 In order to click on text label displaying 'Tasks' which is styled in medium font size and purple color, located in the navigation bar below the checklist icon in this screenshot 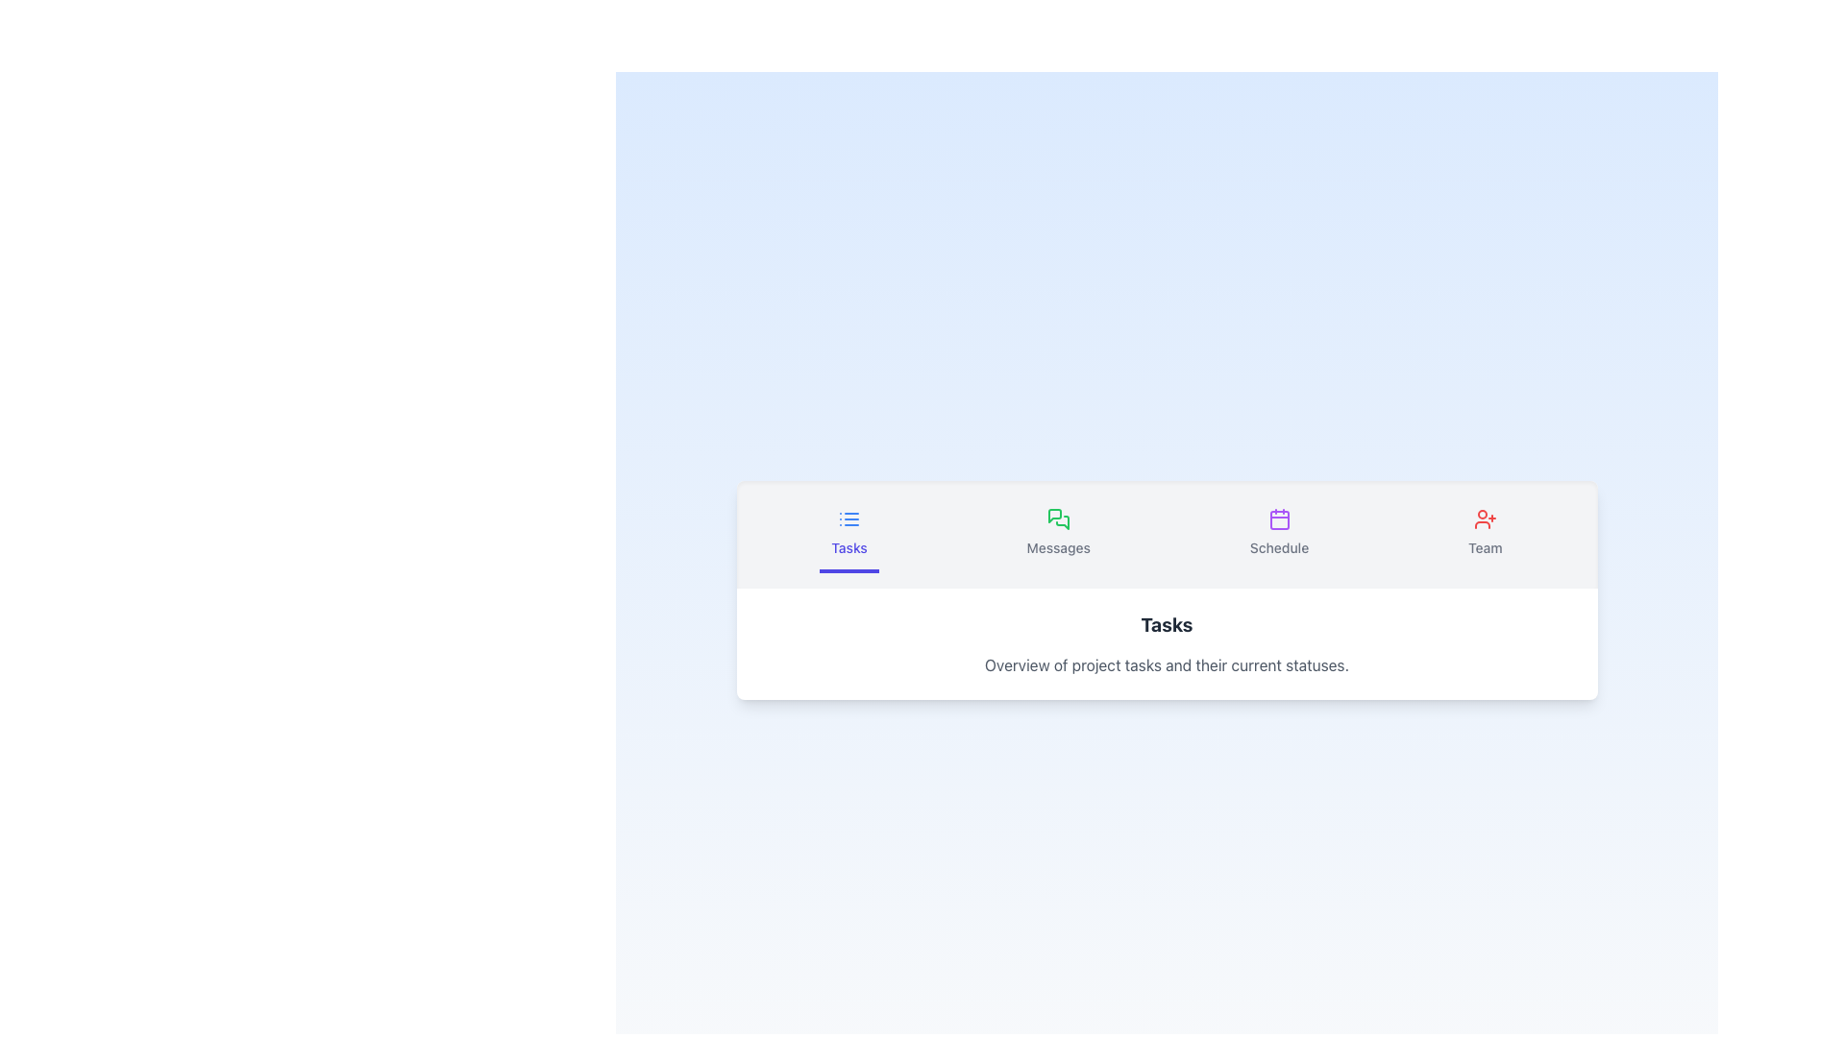, I will do `click(849, 547)`.